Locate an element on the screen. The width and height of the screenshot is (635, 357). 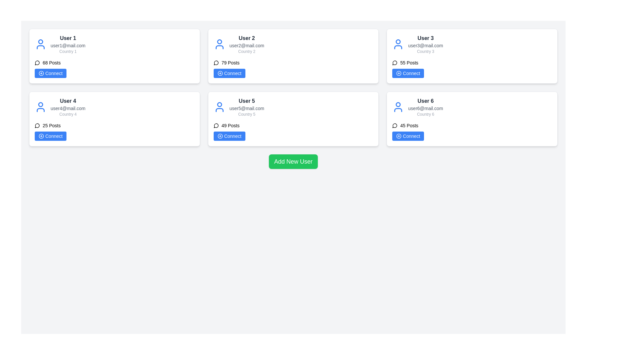
the Text display component that shows user information, including the bolded username 'User 6', an email address 'user6@mail.com', and the country name 'Country 6' is located at coordinates (425, 107).